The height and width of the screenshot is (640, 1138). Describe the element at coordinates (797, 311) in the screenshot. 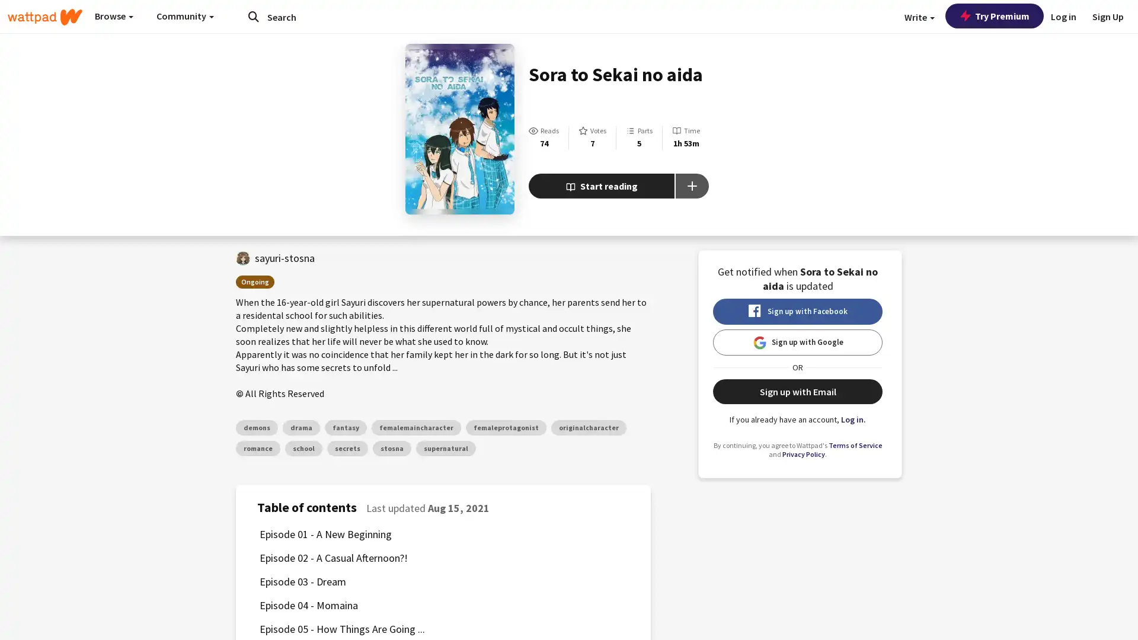

I see `Sign up with Facebook` at that location.